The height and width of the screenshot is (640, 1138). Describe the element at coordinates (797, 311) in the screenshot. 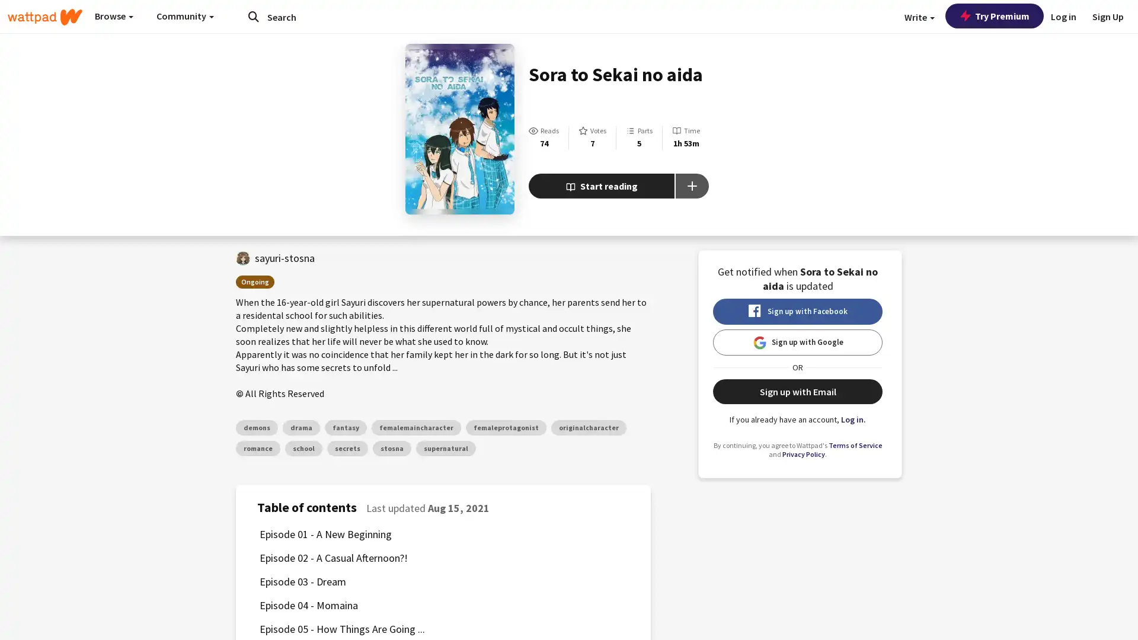

I see `Sign up with Facebook` at that location.